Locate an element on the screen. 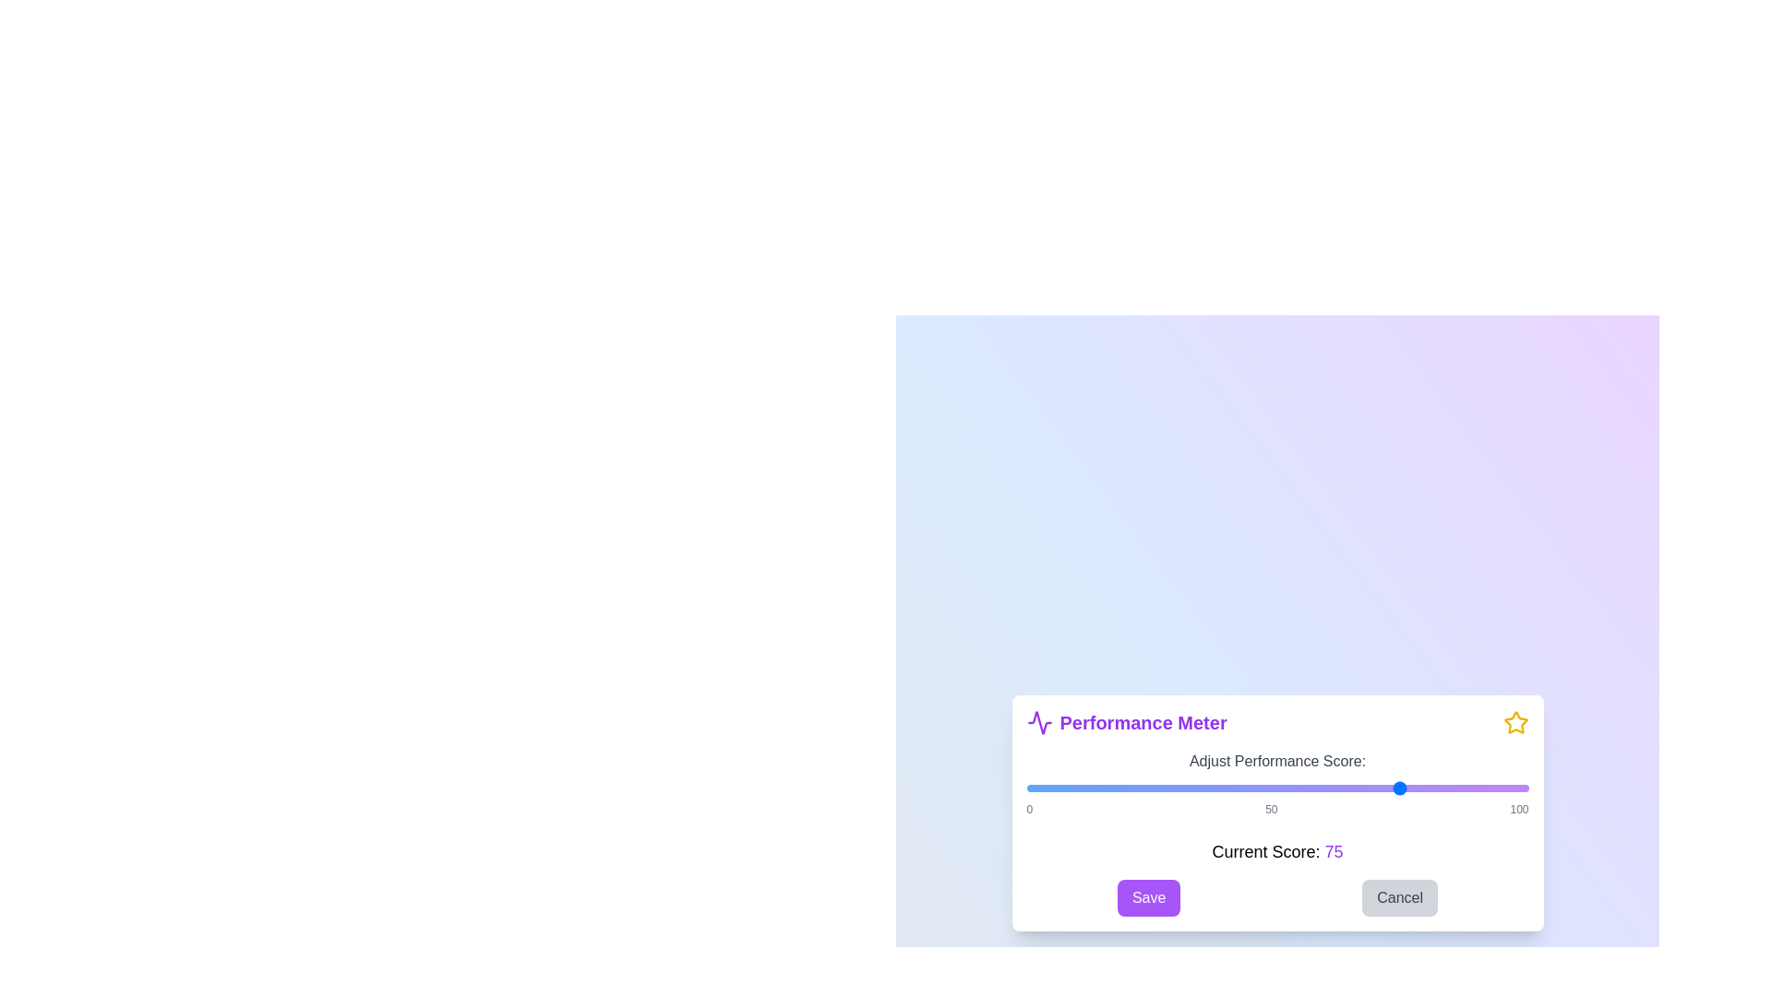 This screenshot has width=1772, height=996. the performance score to 46 using the slider is located at coordinates (1256, 788).